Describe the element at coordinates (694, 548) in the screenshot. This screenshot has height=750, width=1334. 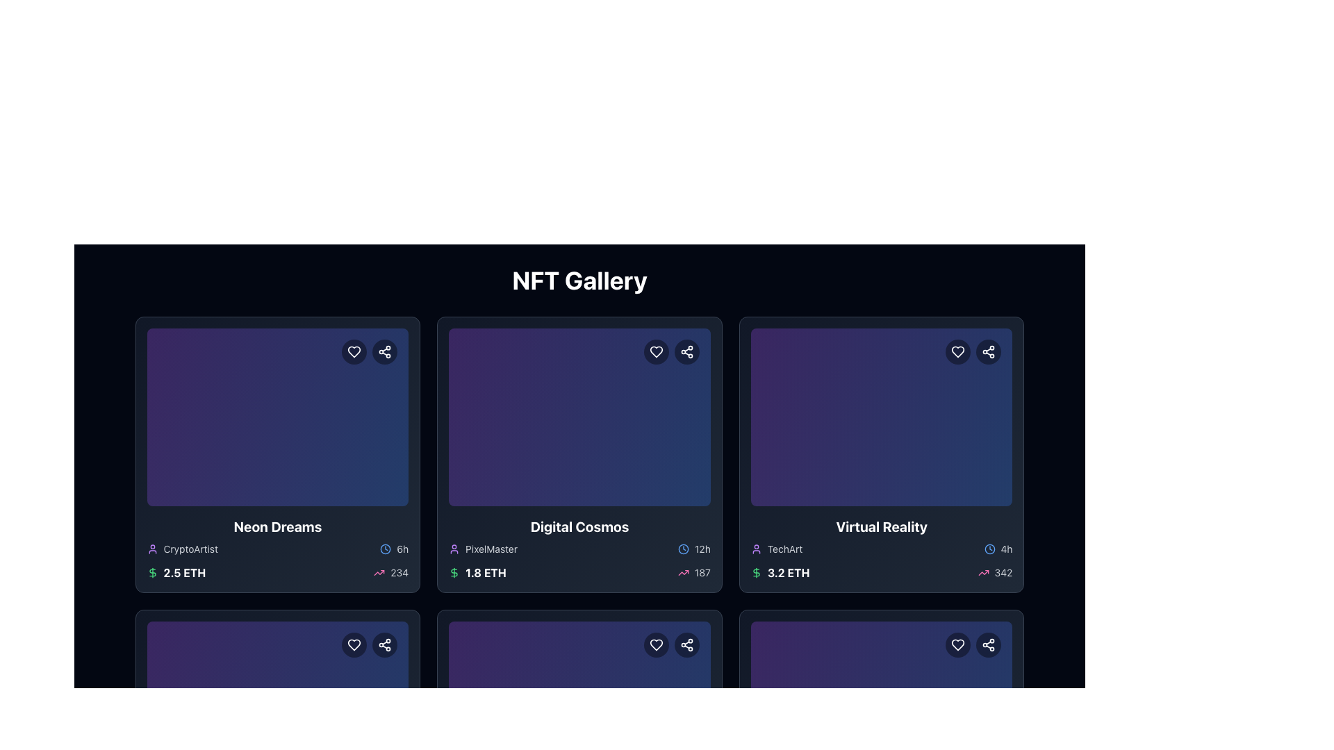
I see `the time indicator element located in the lower right section of the 'Digital Cosmos' card` at that location.